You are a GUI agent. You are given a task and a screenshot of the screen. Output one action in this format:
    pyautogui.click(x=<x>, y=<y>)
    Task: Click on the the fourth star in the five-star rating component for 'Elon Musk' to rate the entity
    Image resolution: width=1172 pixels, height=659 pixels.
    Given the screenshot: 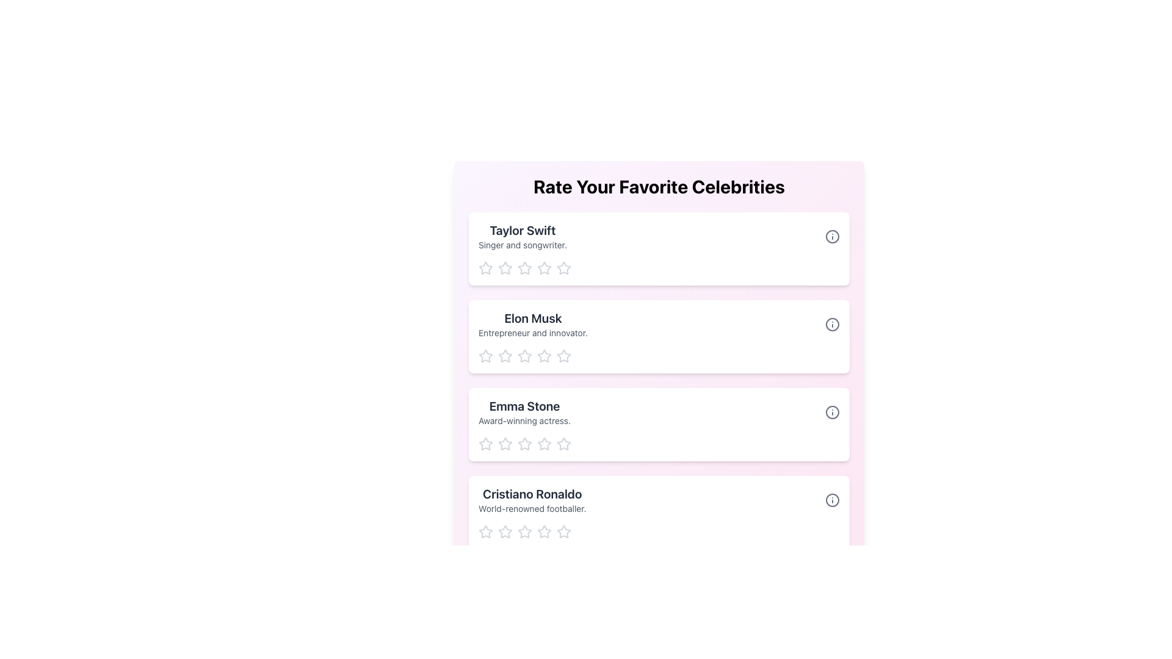 What is the action you would take?
    pyautogui.click(x=544, y=356)
    